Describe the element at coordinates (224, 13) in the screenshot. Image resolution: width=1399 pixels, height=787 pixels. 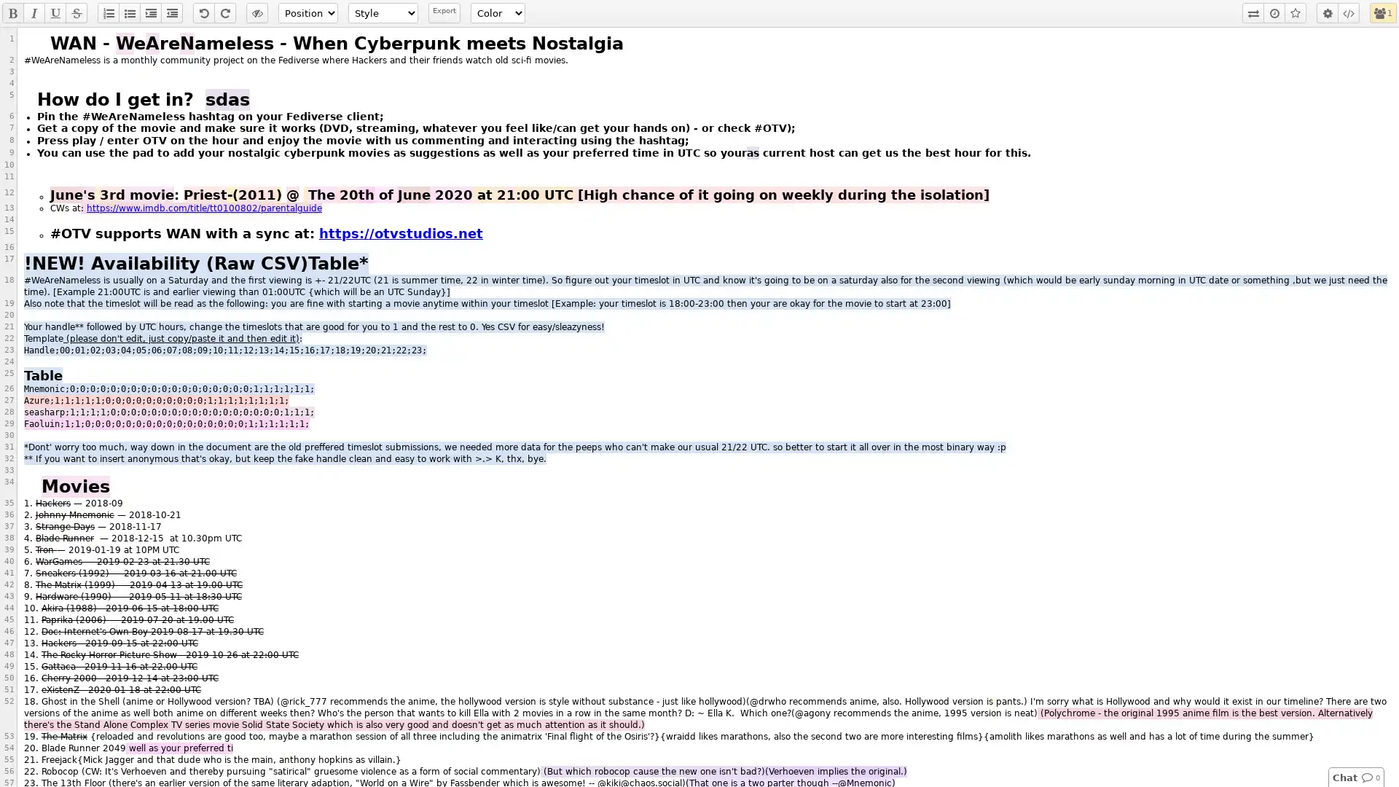
I see `Redo (Ctrl+Y)` at that location.